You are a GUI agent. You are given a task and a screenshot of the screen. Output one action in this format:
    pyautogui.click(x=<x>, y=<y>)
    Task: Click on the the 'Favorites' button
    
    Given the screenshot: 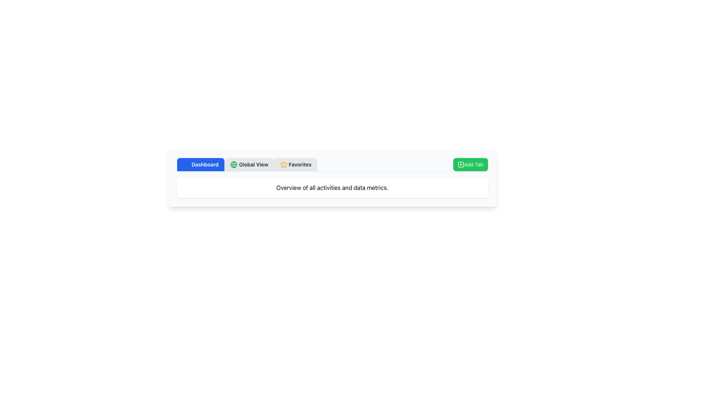 What is the action you would take?
    pyautogui.click(x=296, y=164)
    